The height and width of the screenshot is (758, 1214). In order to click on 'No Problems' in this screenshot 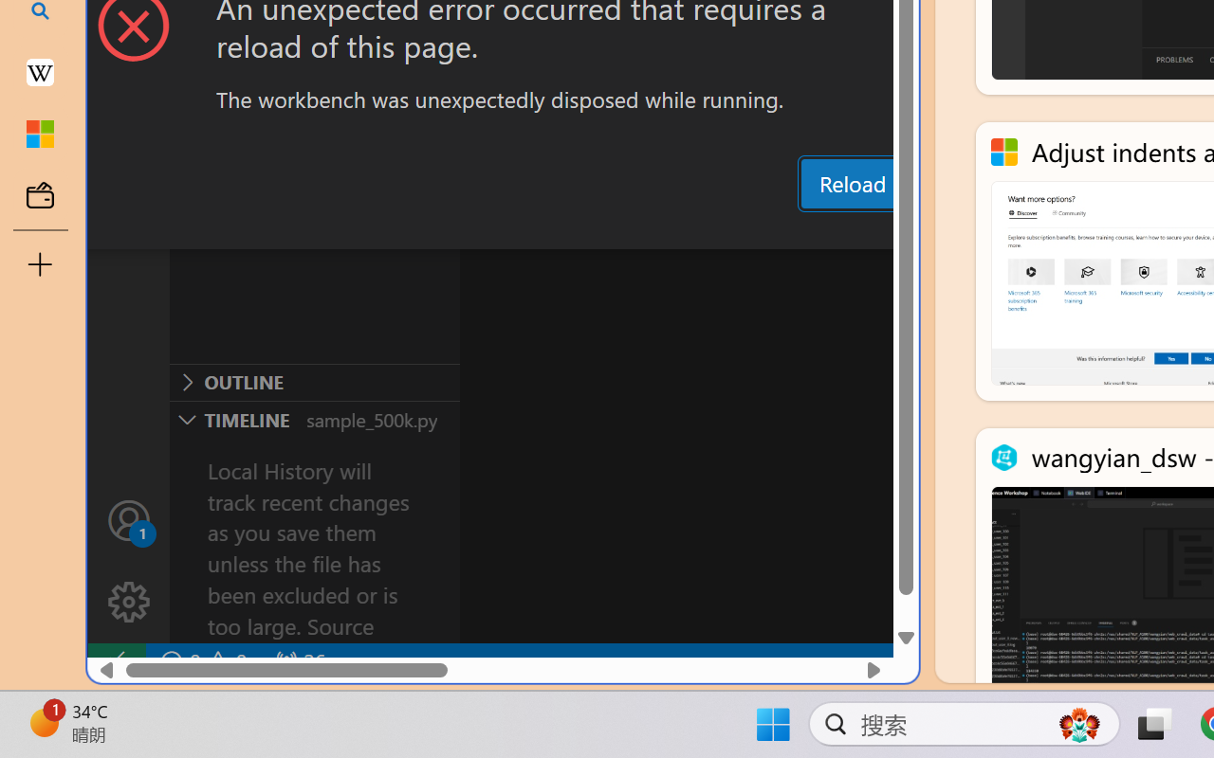, I will do `click(202, 661)`.